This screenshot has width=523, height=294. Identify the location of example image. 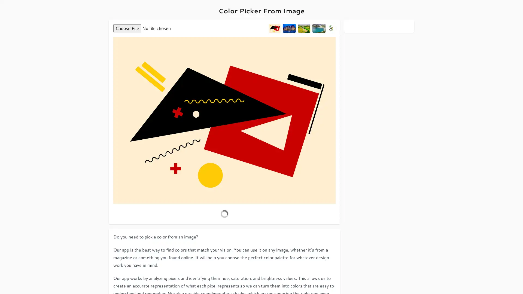
(331, 28).